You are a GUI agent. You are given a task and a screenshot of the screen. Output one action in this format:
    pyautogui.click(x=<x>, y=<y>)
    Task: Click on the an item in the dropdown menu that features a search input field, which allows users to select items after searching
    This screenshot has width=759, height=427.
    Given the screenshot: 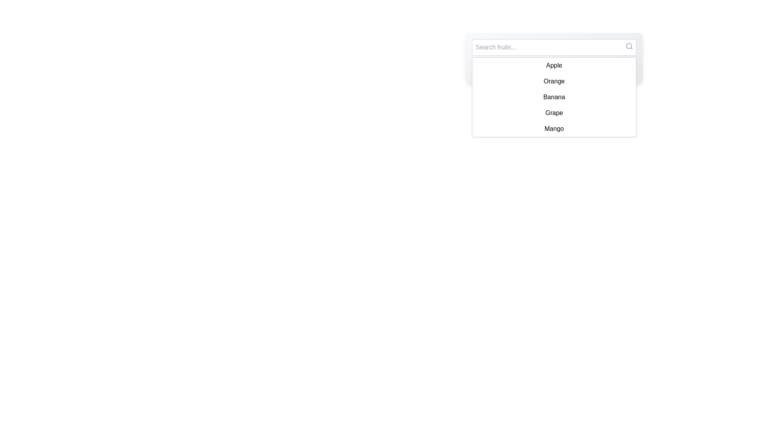 What is the action you would take?
    pyautogui.click(x=553, y=57)
    